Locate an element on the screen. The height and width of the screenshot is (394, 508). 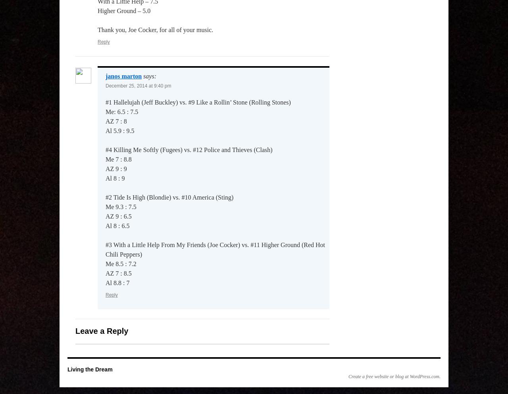
'December 25, 2014 at 9:40 pm' is located at coordinates (138, 86).